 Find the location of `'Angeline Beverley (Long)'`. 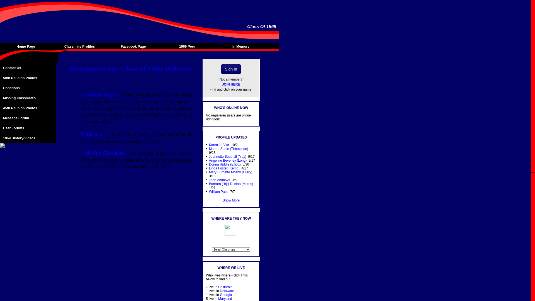

'Angeline Beverley (Long)' is located at coordinates (228, 160).